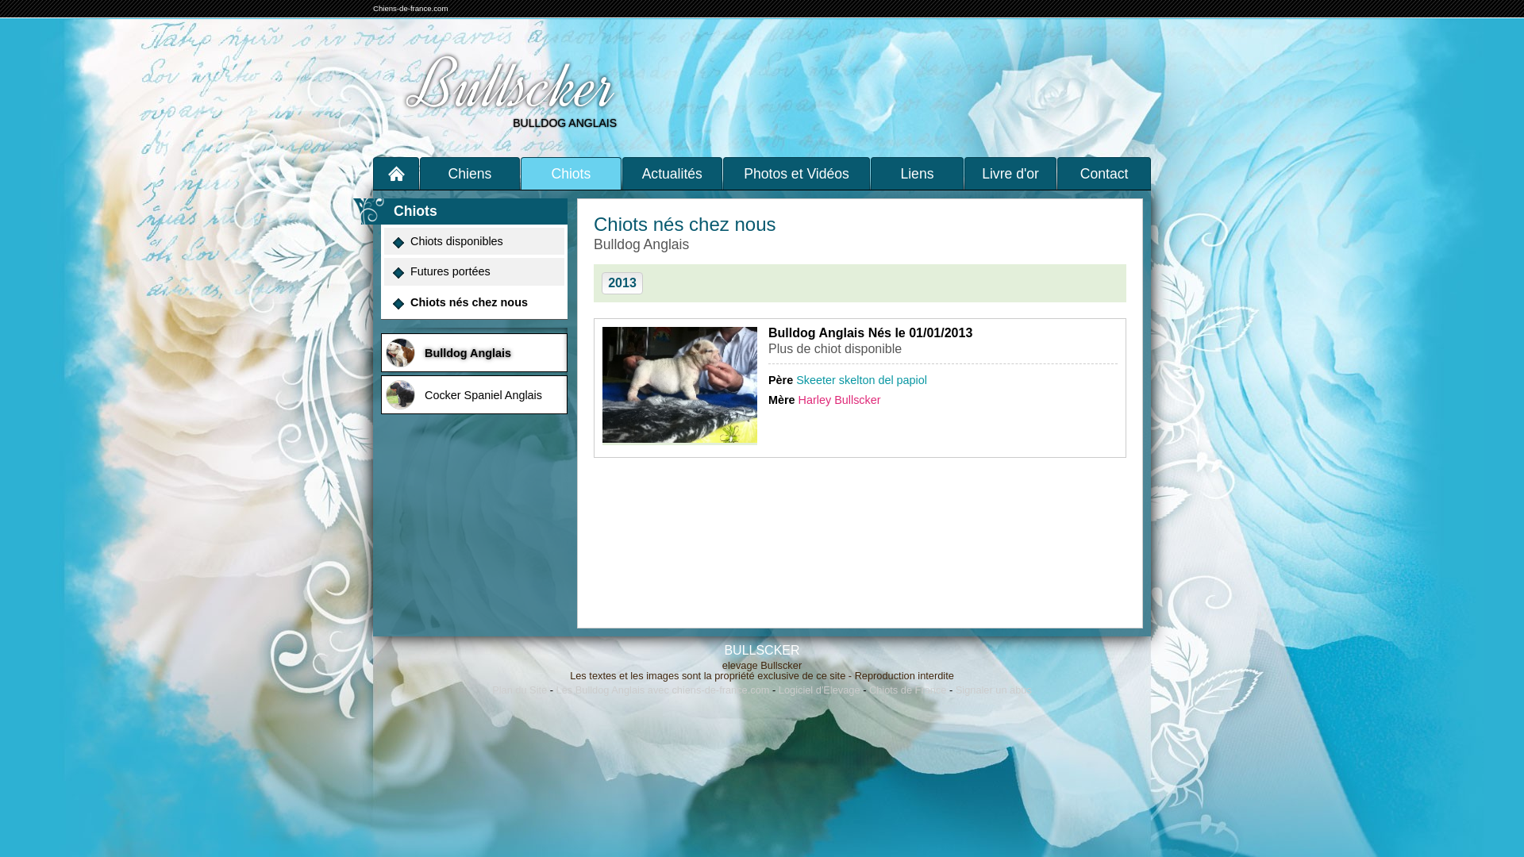 The width and height of the screenshot is (1524, 857). What do you see at coordinates (993, 689) in the screenshot?
I see `'Signaler un abus'` at bounding box center [993, 689].